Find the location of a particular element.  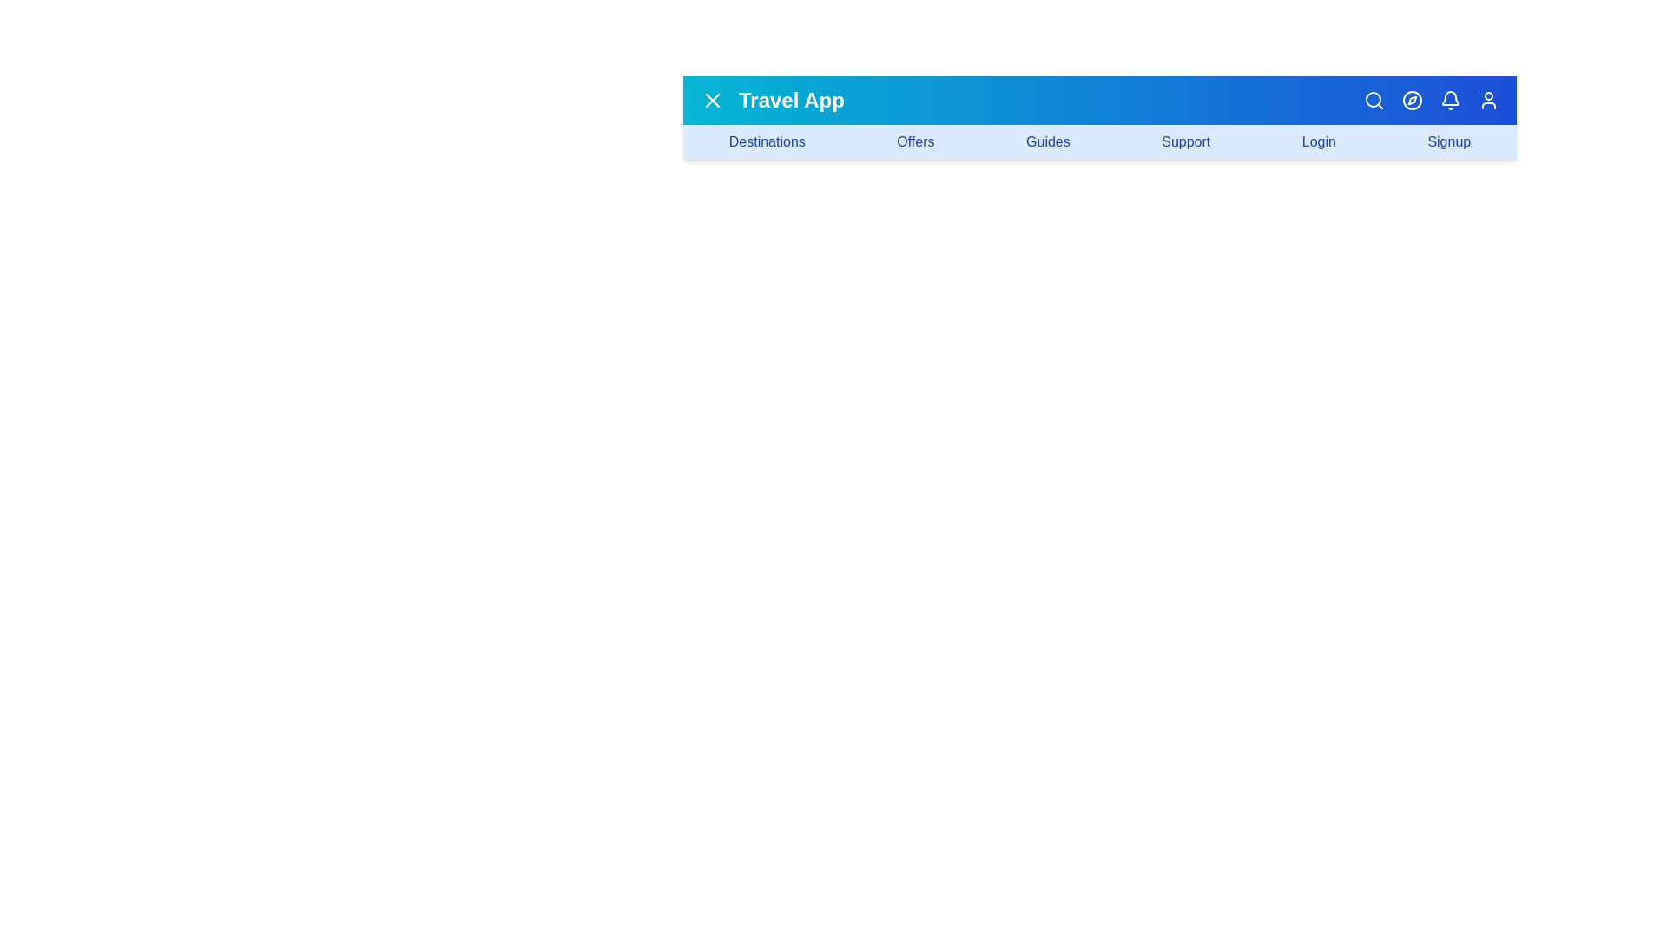

the navigation link labeled 'Signup' is located at coordinates (1449, 141).